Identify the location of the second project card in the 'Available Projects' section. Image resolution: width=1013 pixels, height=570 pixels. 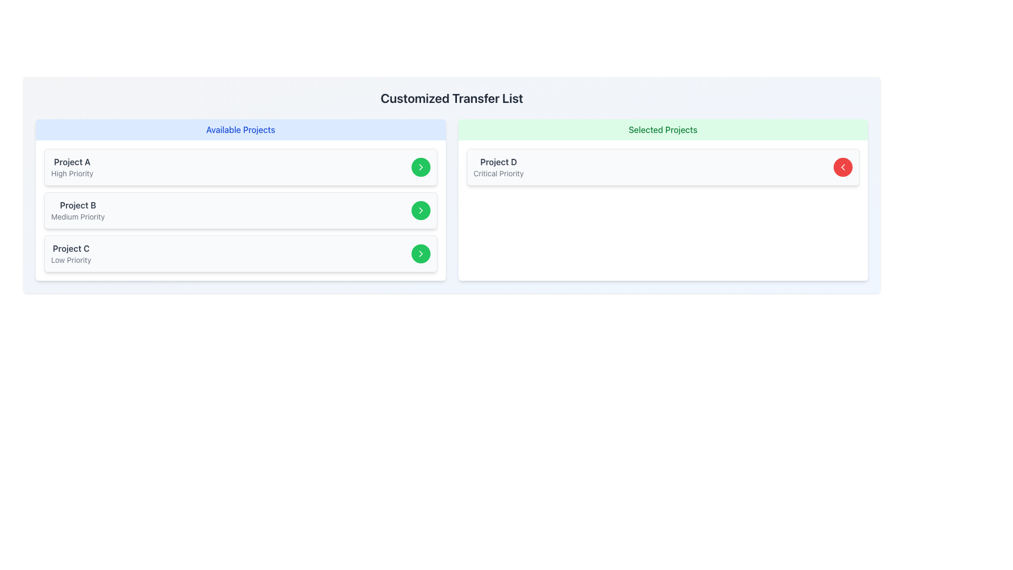
(240, 210).